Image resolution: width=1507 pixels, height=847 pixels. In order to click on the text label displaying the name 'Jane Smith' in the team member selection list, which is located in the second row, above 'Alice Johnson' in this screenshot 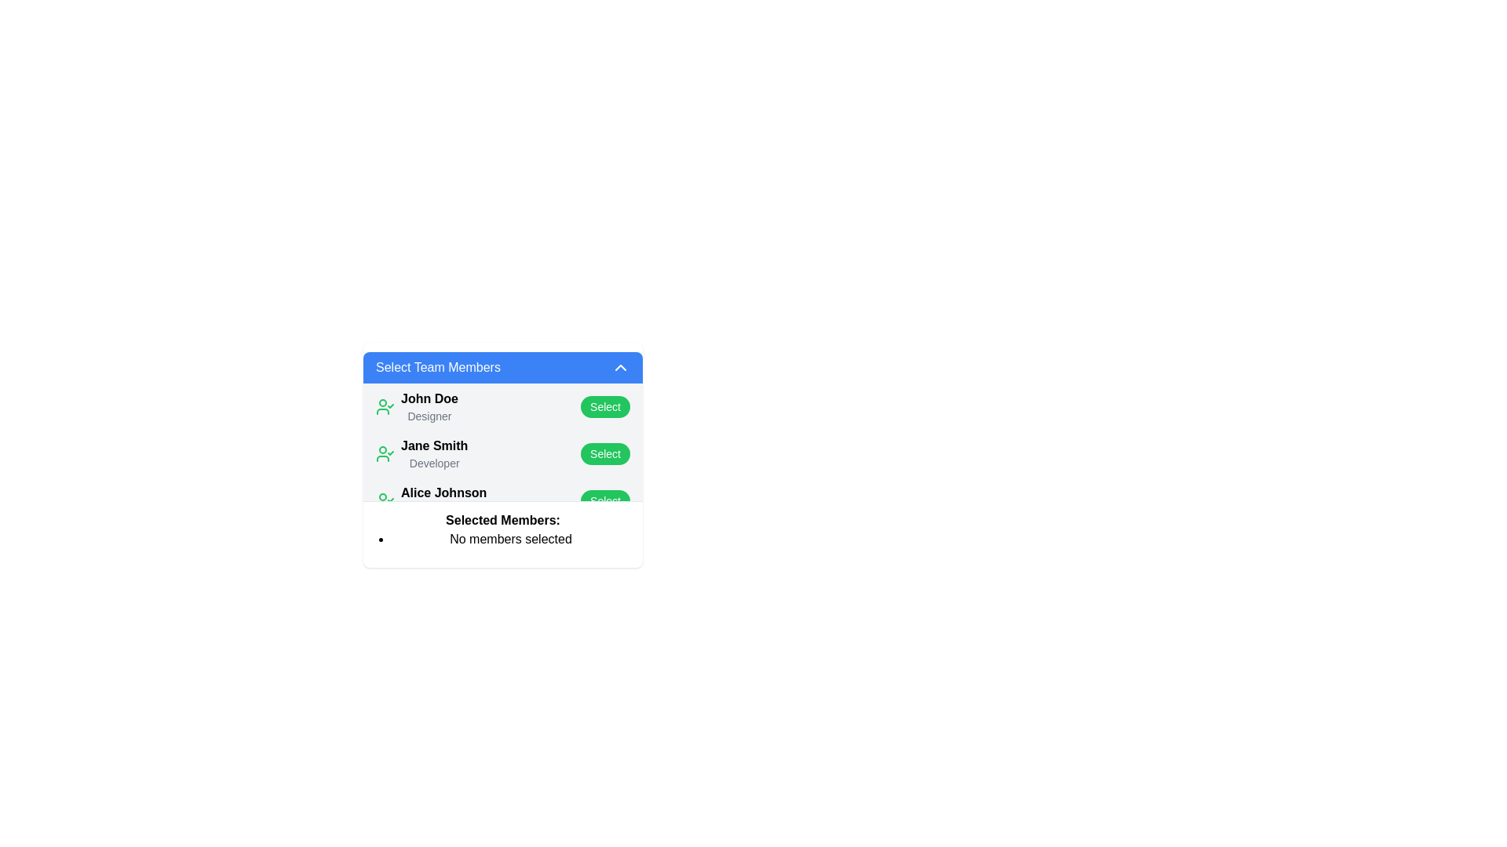, I will do `click(434, 446)`.